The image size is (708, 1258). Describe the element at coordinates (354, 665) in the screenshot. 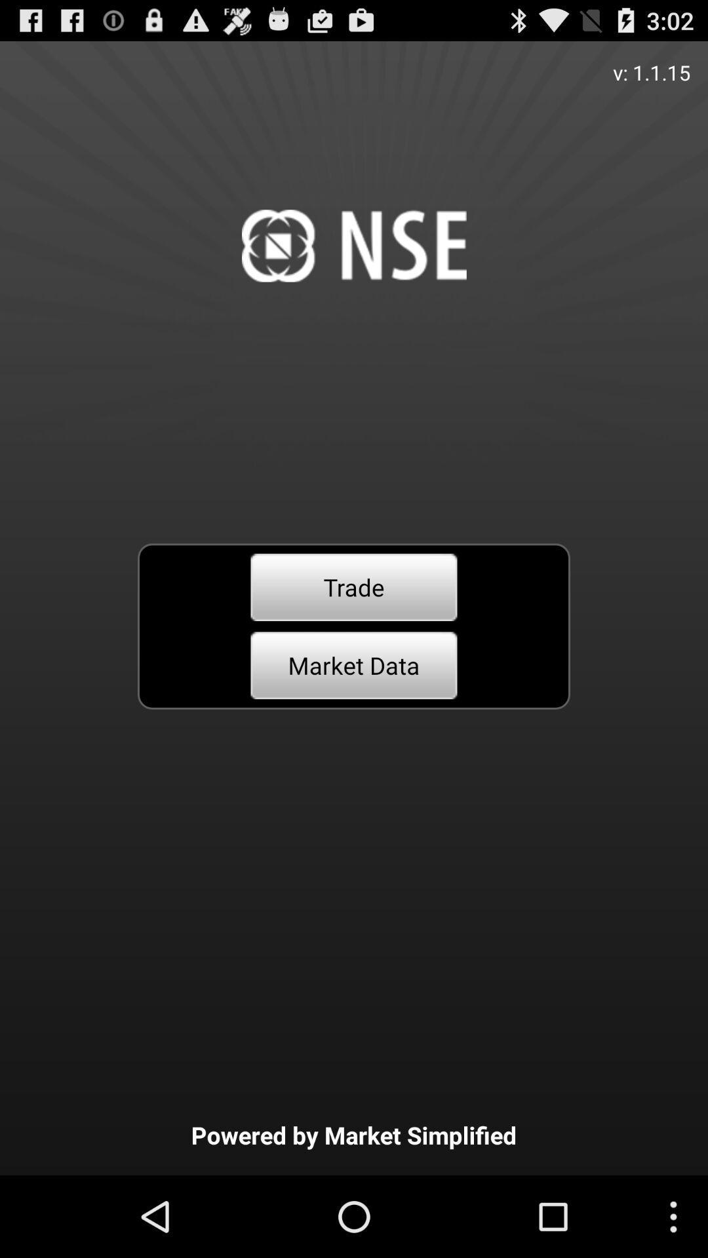

I see `the market data` at that location.